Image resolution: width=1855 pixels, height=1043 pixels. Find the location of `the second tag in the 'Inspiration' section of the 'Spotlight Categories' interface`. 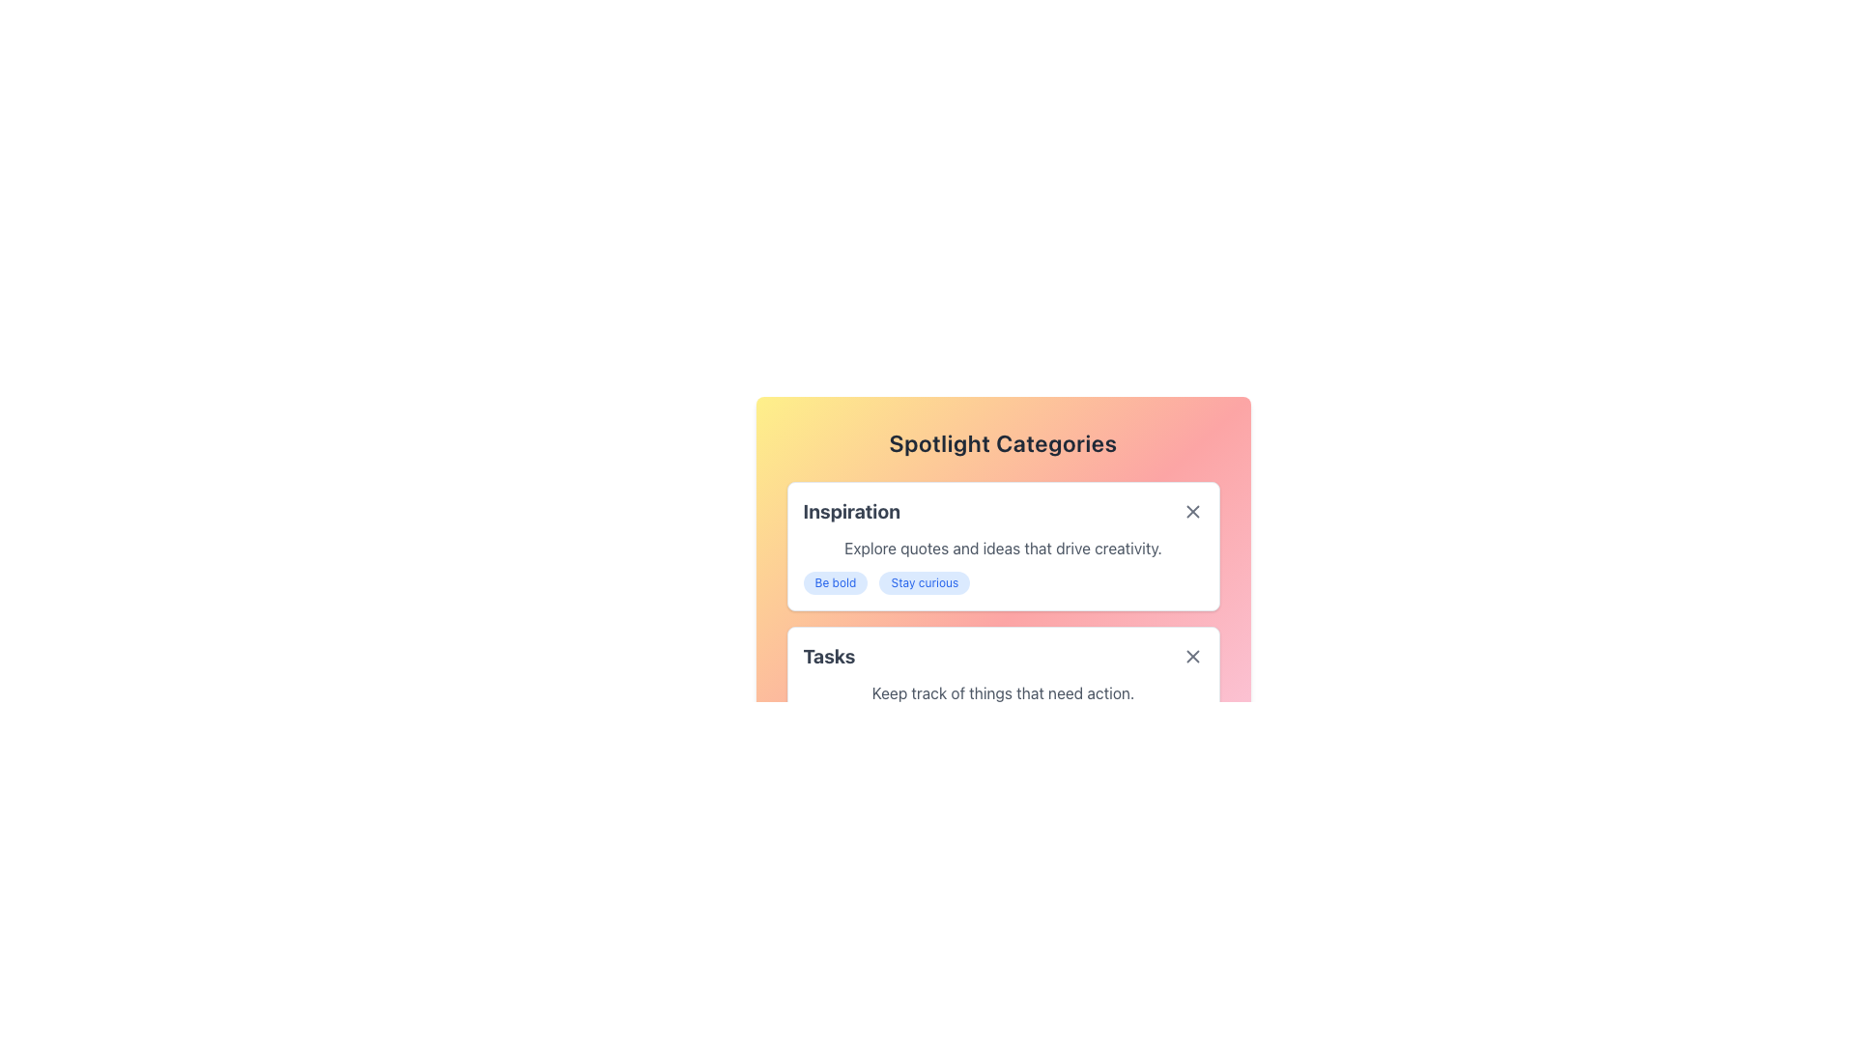

the second tag in the 'Inspiration' section of the 'Spotlight Categories' interface is located at coordinates (924, 582).